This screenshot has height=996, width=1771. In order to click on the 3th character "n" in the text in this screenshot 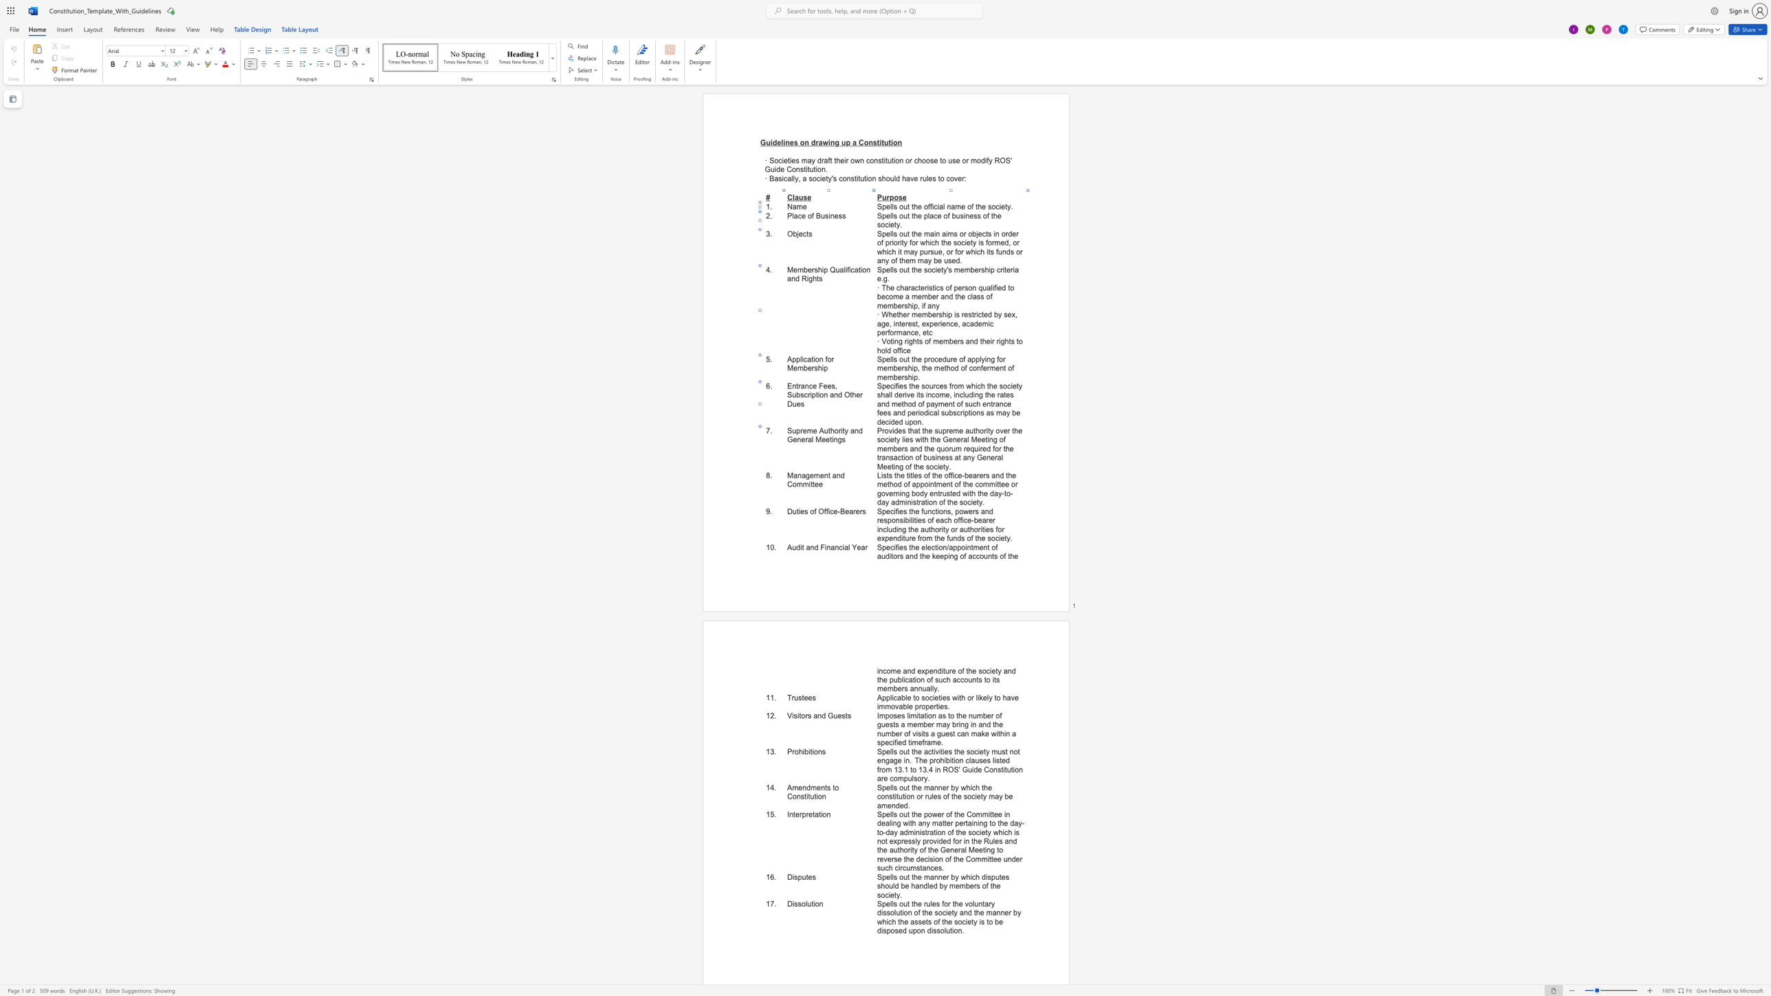, I will do `click(838, 474)`.